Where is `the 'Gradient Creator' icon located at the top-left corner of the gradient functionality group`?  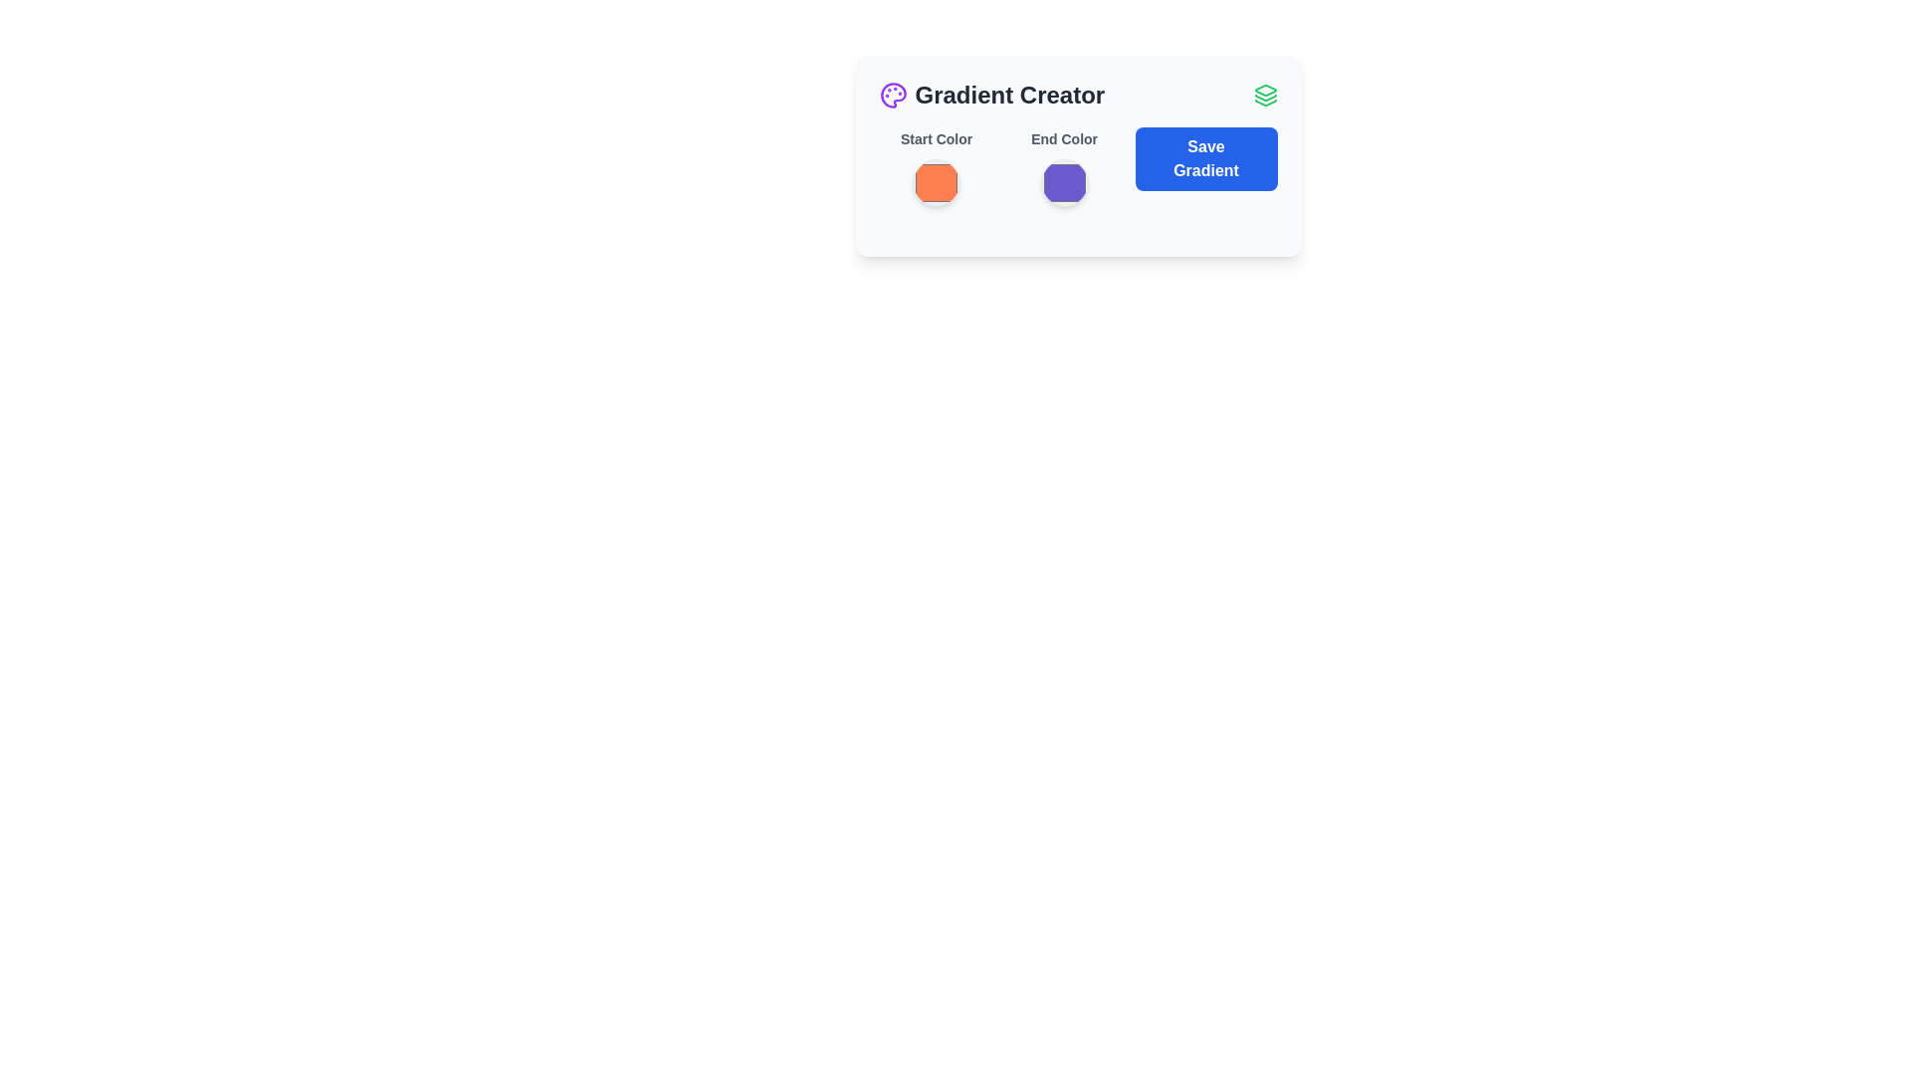
the 'Gradient Creator' icon located at the top-left corner of the gradient functionality group is located at coordinates (892, 96).